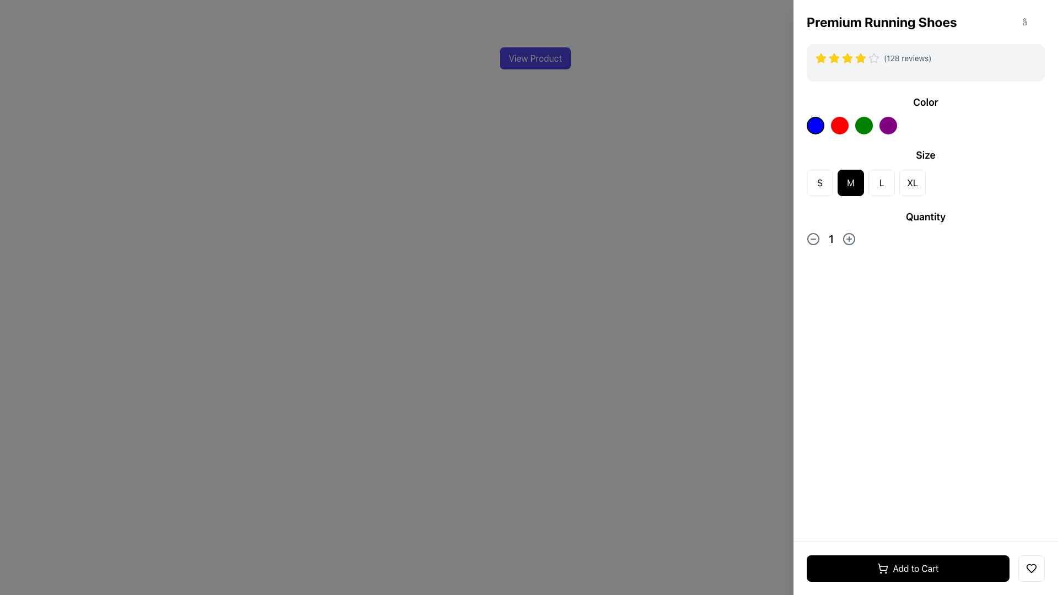  I want to click on the text label reading 'Premium Running Shoes', which is styled as a bold heading and is prominently located at the top left of the product details section, so click(882, 21).